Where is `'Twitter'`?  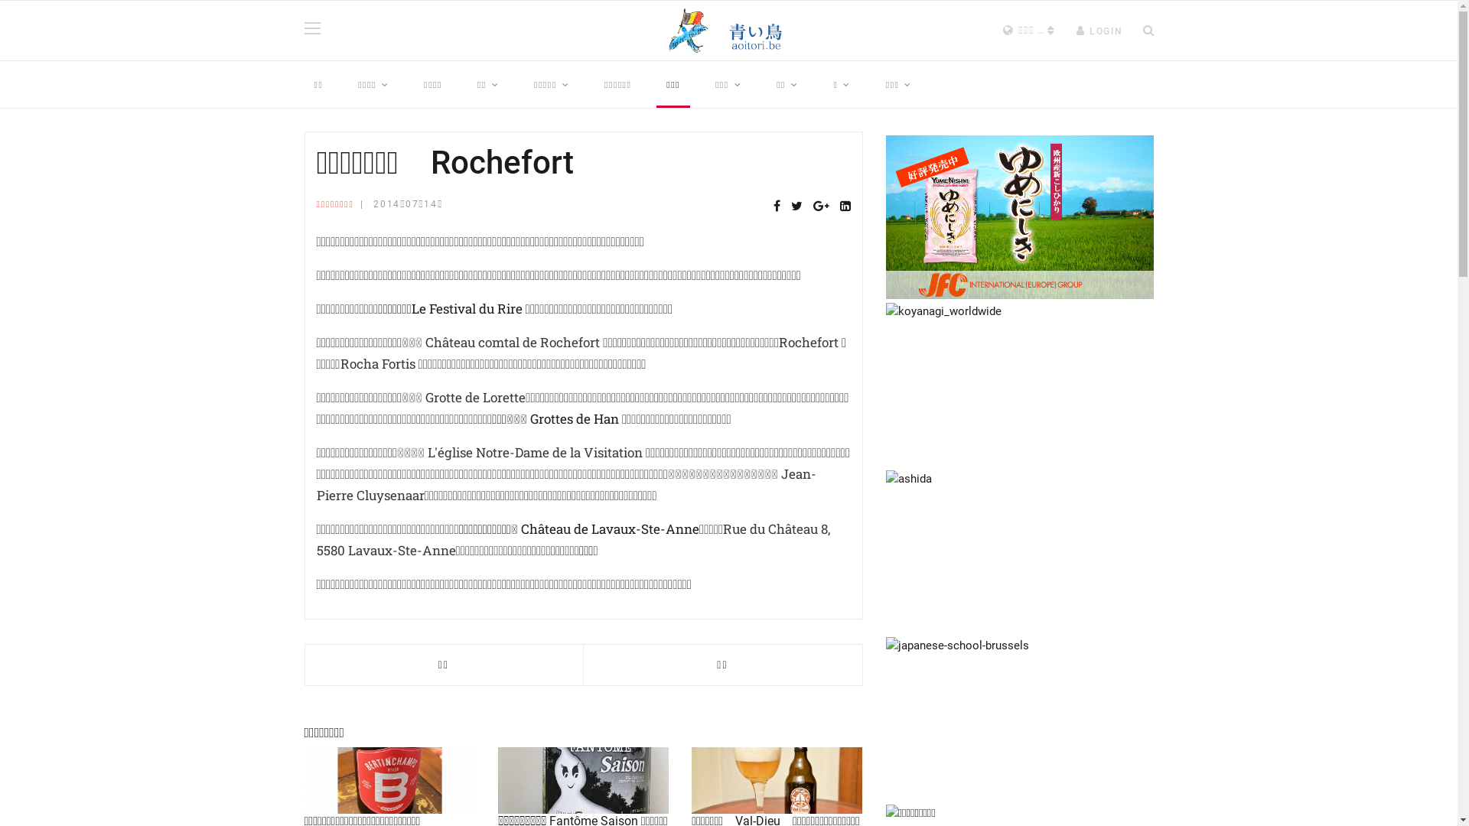
'Twitter' is located at coordinates (796, 206).